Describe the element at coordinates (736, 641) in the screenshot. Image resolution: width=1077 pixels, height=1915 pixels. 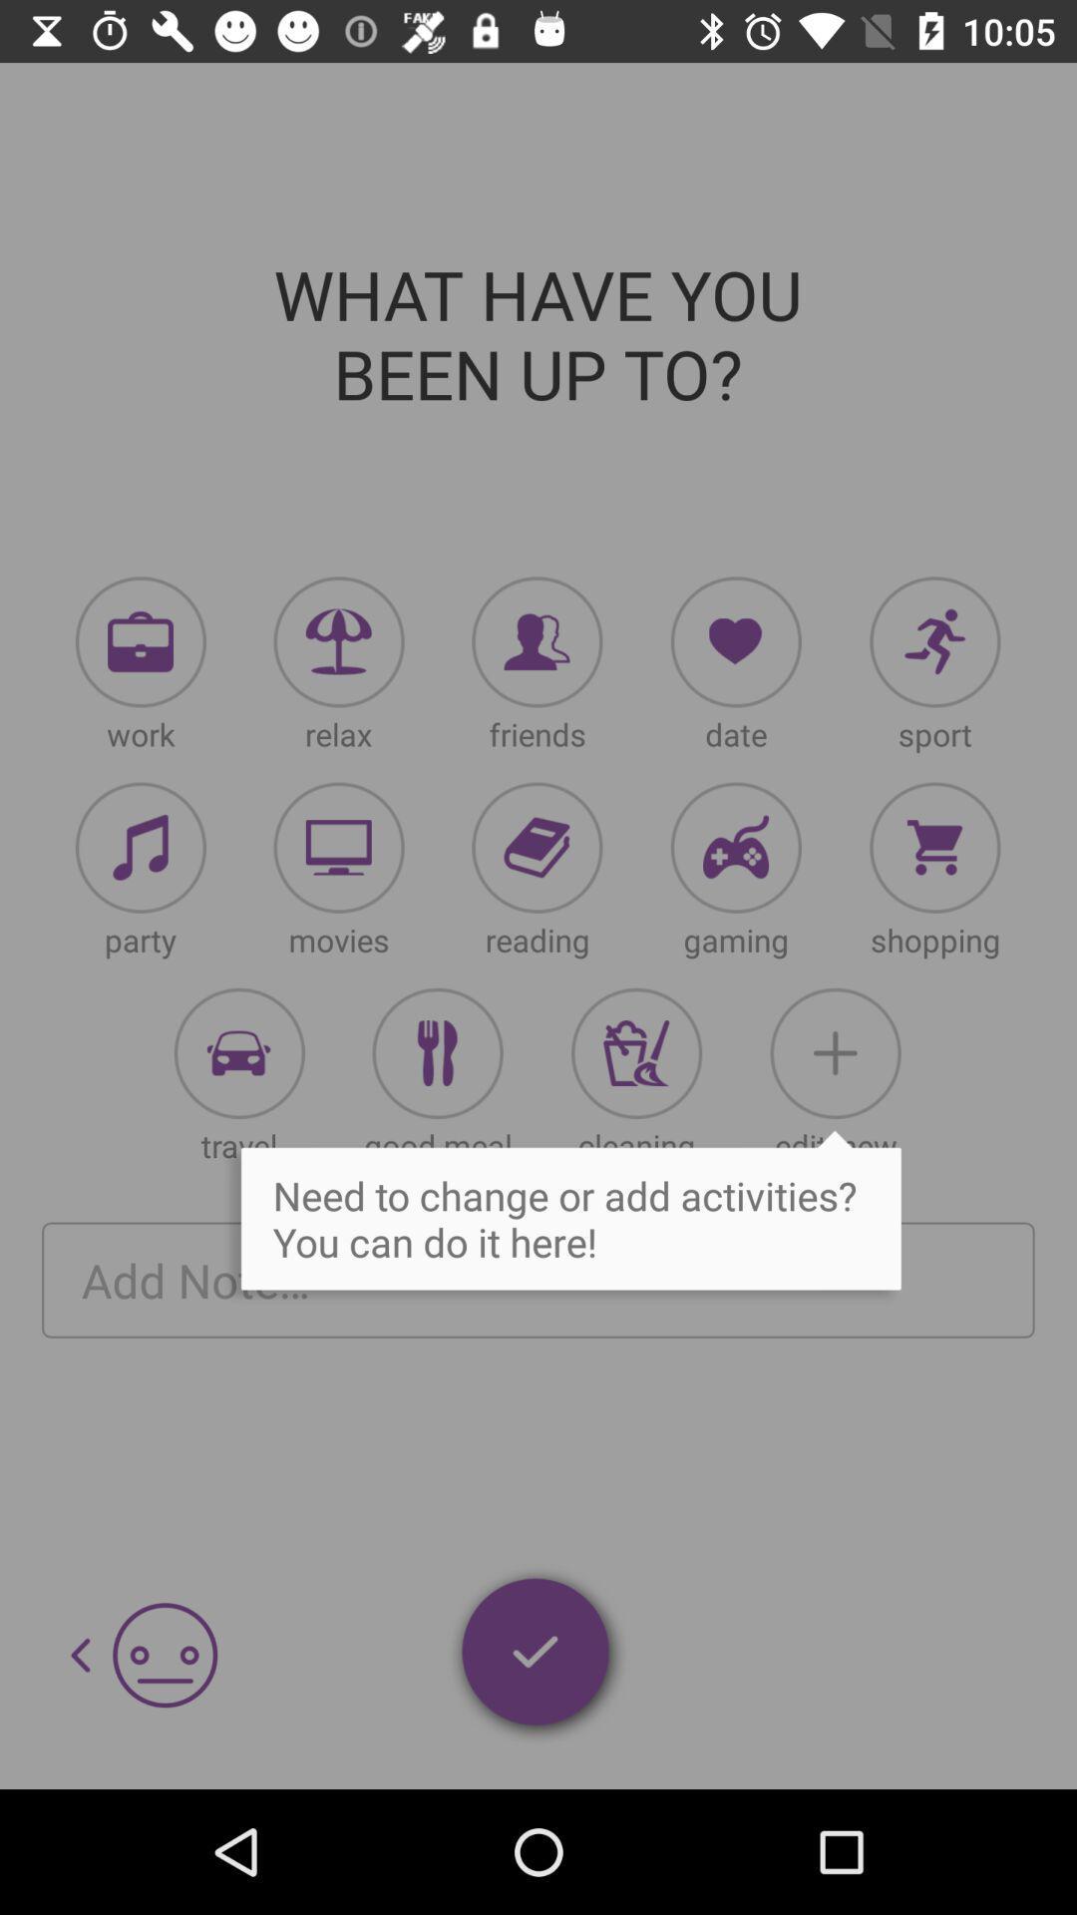
I see `log date` at that location.